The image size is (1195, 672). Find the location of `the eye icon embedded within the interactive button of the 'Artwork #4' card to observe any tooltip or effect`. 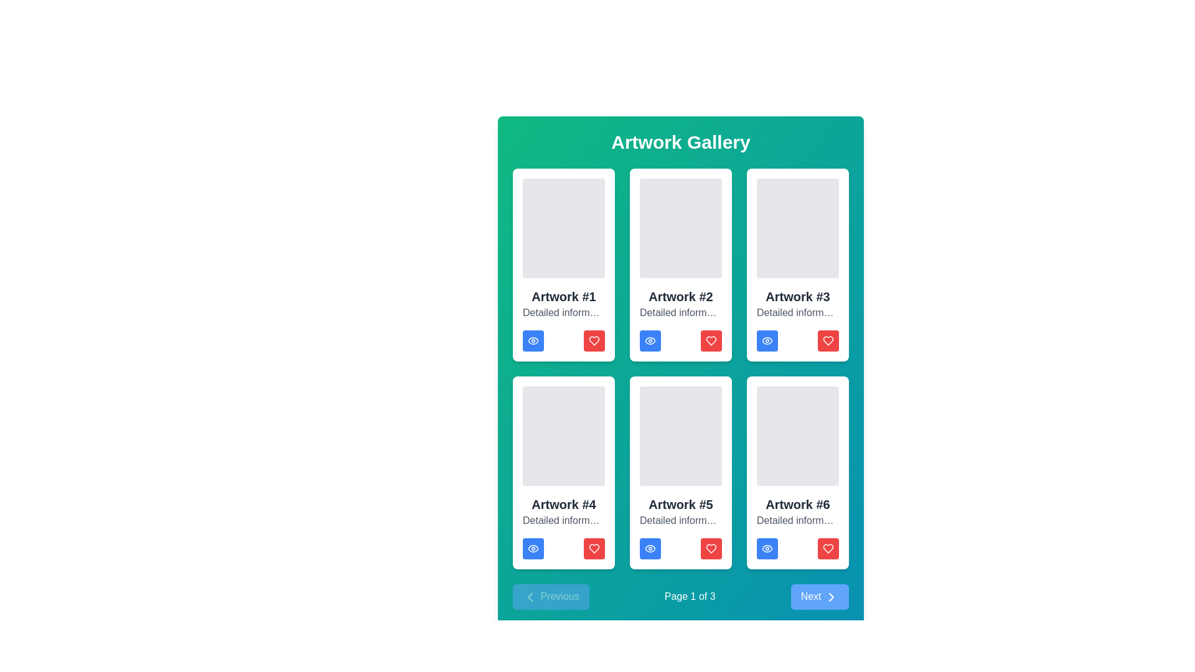

the eye icon embedded within the interactive button of the 'Artwork #4' card to observe any tooltip or effect is located at coordinates (533, 548).